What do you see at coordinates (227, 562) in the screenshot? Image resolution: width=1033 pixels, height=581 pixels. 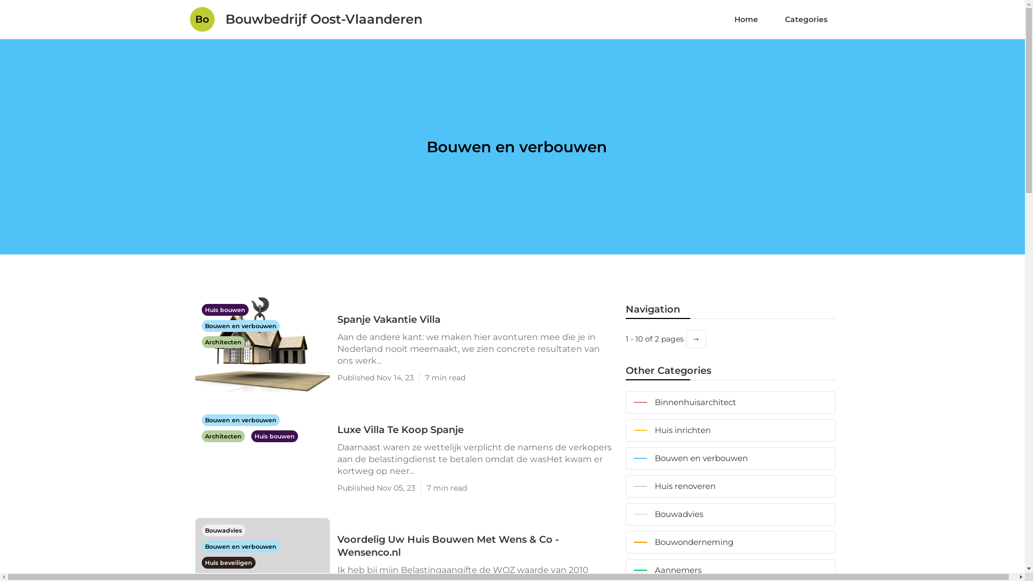 I see `'Huis beveiligen'` at bounding box center [227, 562].